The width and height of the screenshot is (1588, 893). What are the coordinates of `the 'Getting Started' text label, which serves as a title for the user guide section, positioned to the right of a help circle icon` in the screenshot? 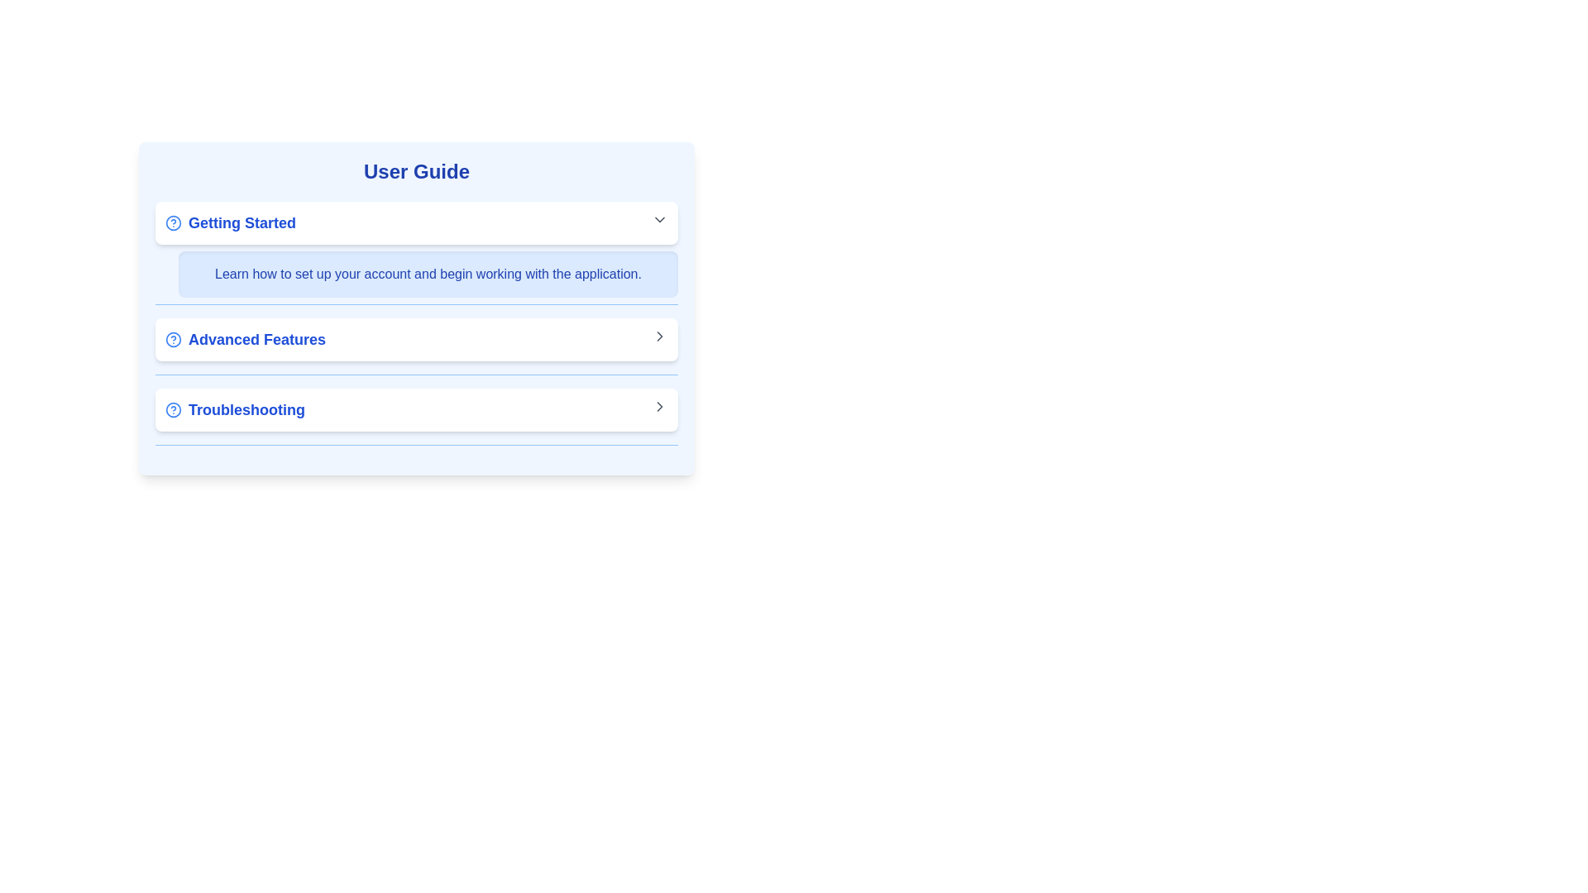 It's located at (241, 223).